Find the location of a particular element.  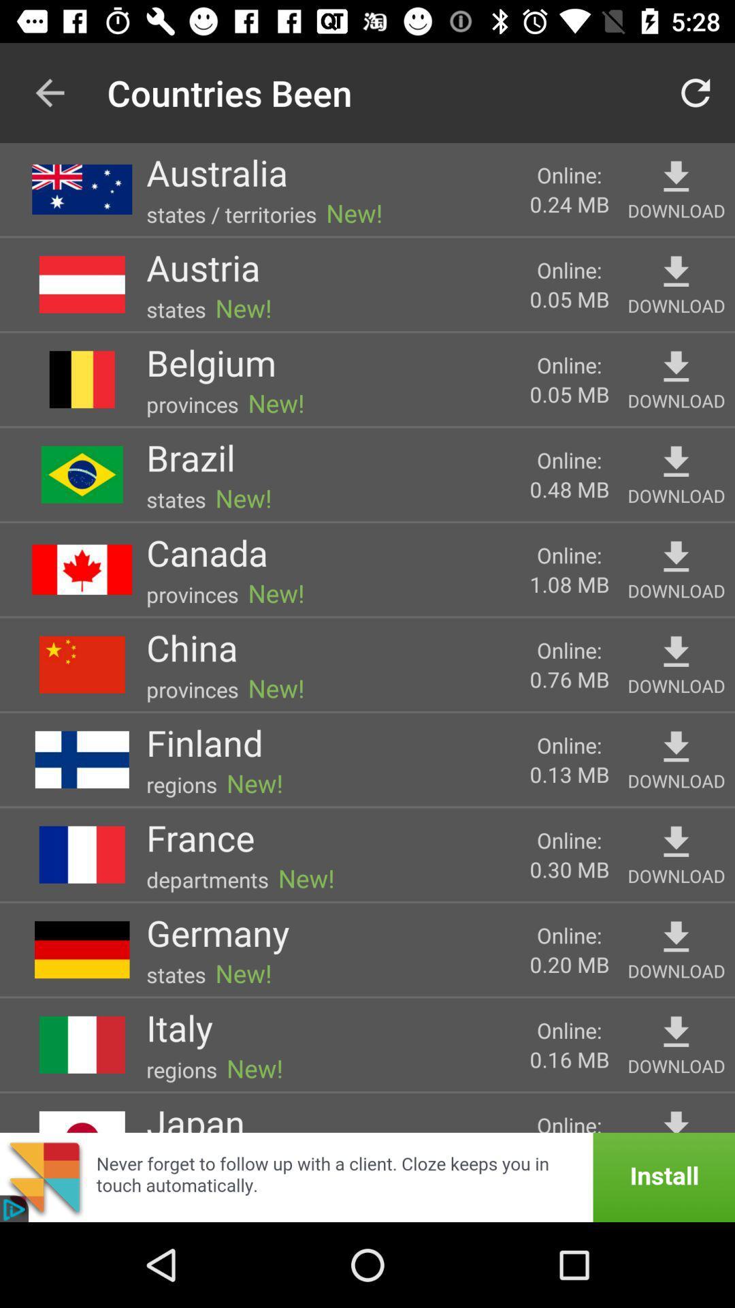

download option is located at coordinates (676, 176).